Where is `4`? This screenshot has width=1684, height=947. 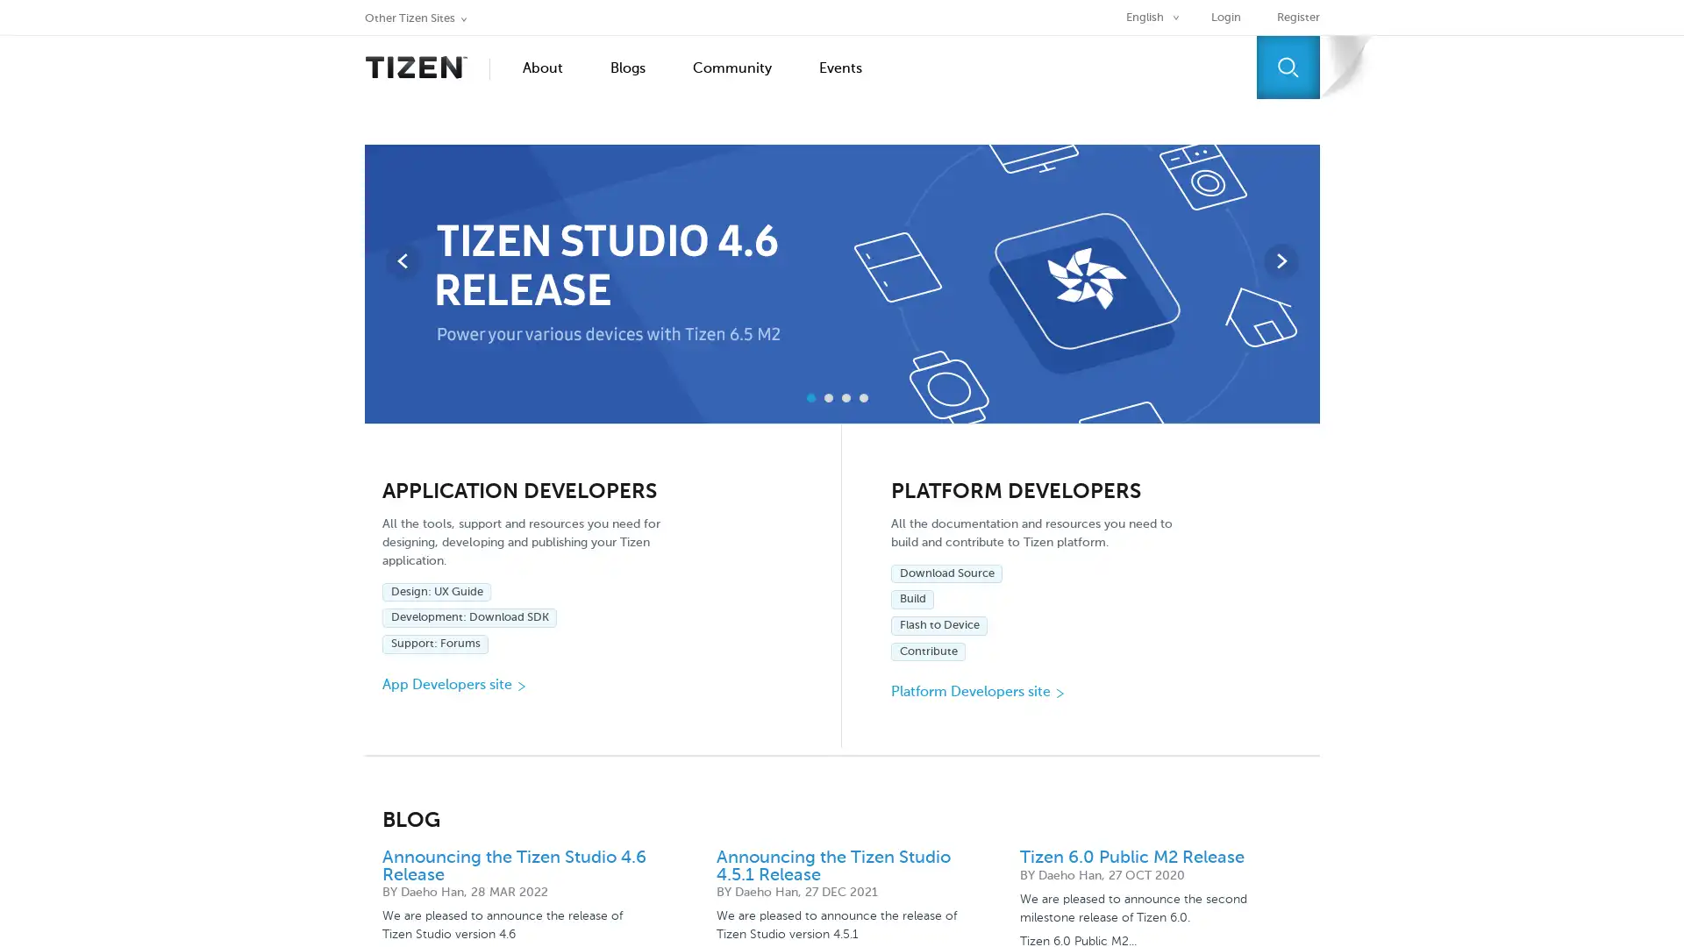
4 is located at coordinates (863, 398).